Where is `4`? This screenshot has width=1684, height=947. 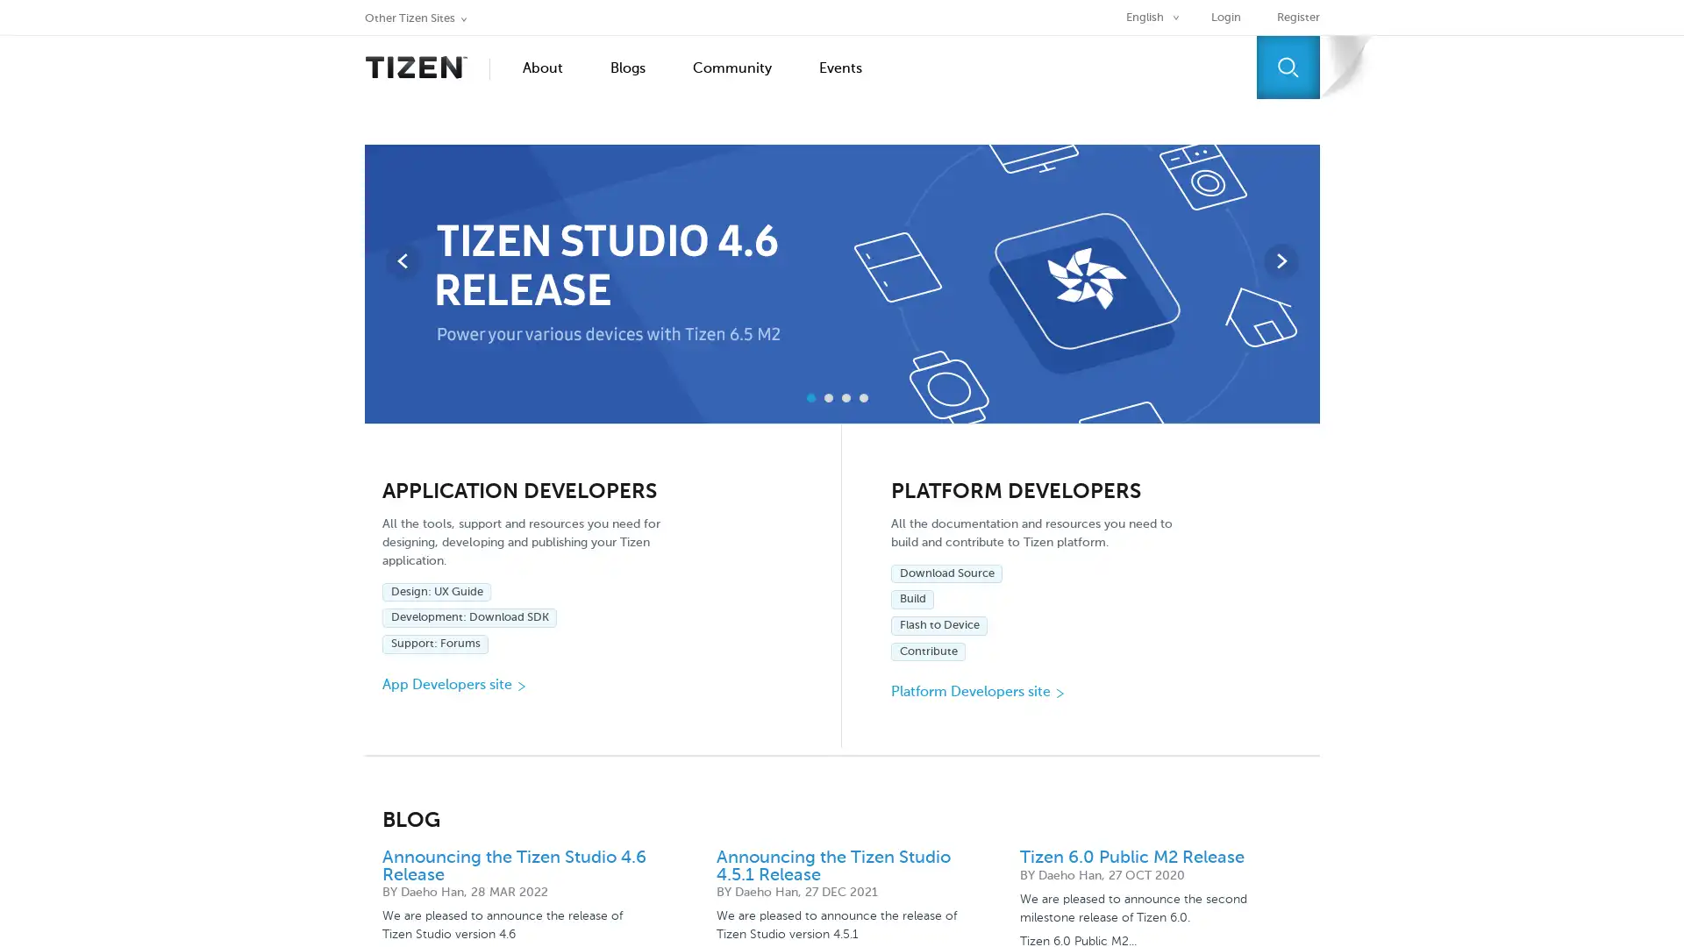
4 is located at coordinates (863, 398).